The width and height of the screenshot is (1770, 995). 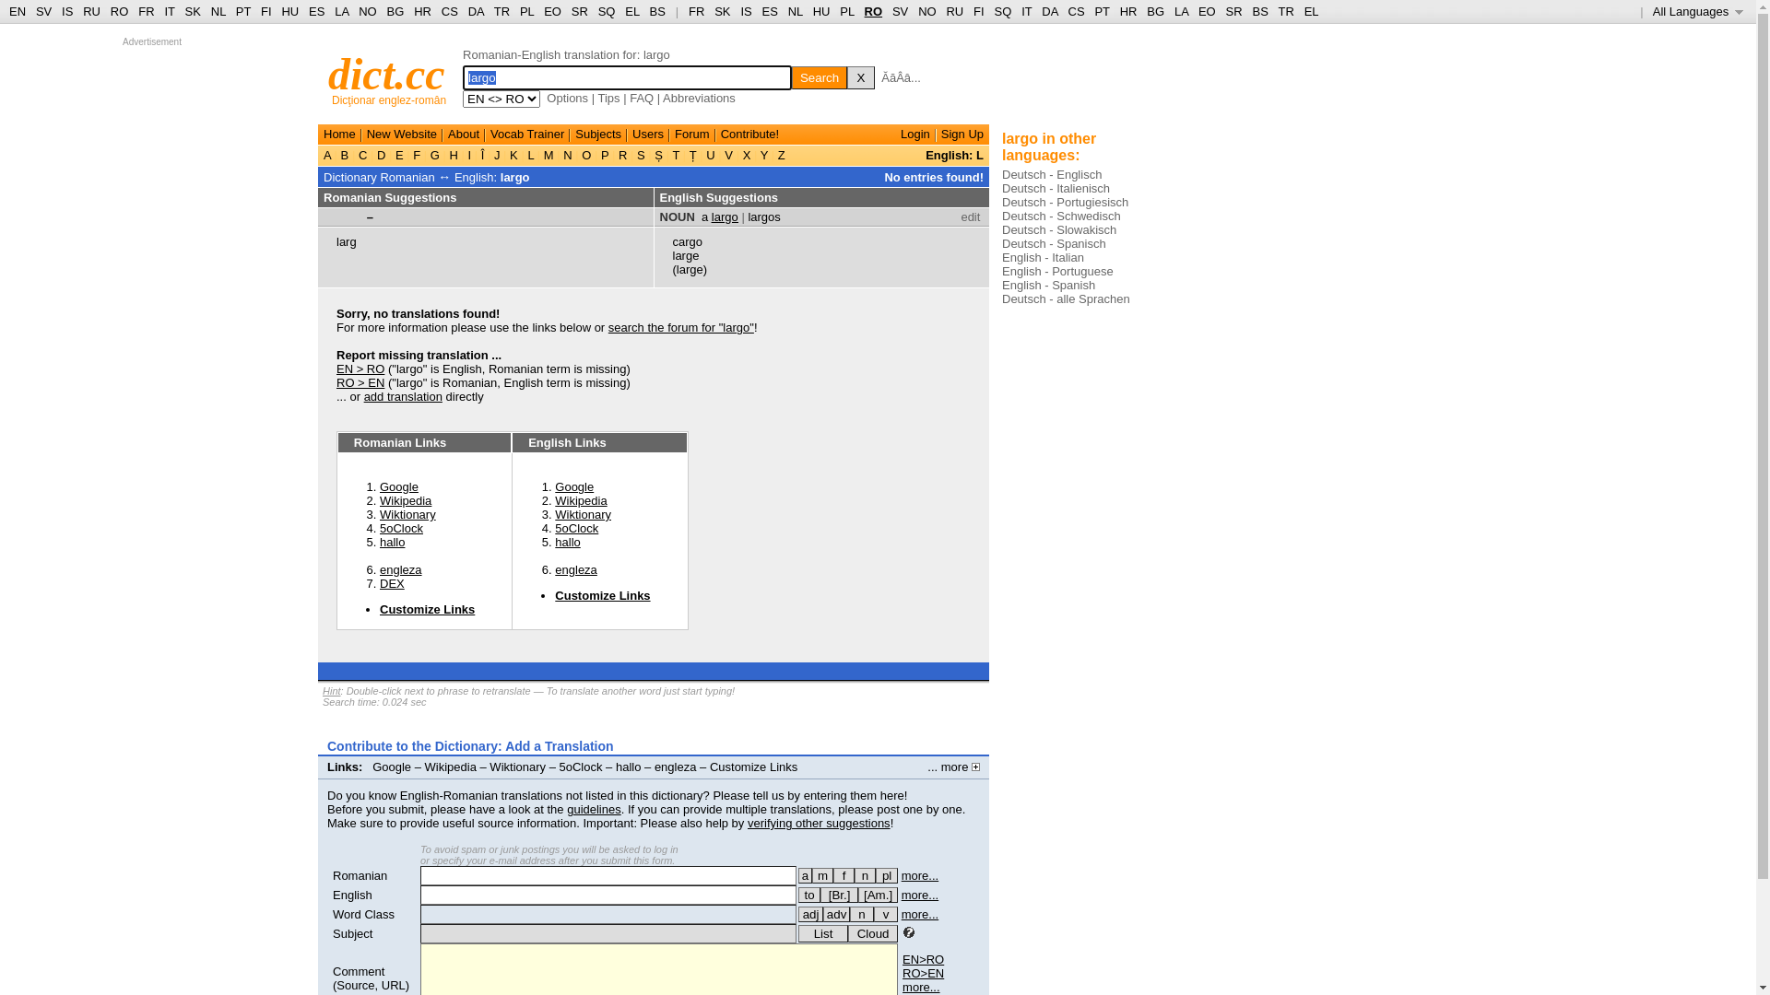 I want to click on 'D', so click(x=372, y=154).